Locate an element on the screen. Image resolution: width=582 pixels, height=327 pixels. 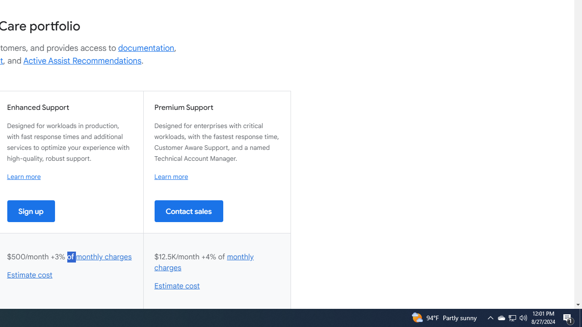
'Estimate cost' is located at coordinates (177, 286).